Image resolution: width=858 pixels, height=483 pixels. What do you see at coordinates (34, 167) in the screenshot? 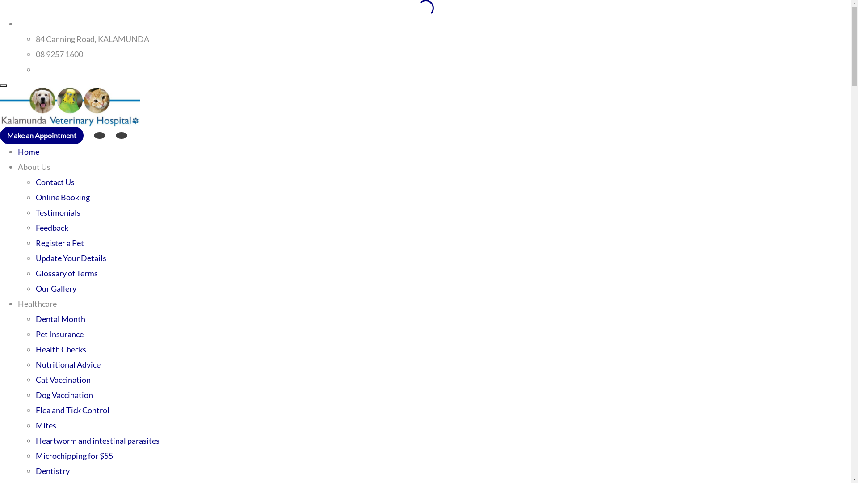
I see `'About Us'` at bounding box center [34, 167].